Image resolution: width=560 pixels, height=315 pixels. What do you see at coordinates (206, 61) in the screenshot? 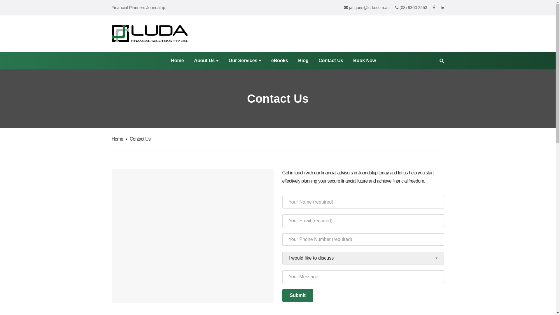
I see `'About Us'` at bounding box center [206, 61].